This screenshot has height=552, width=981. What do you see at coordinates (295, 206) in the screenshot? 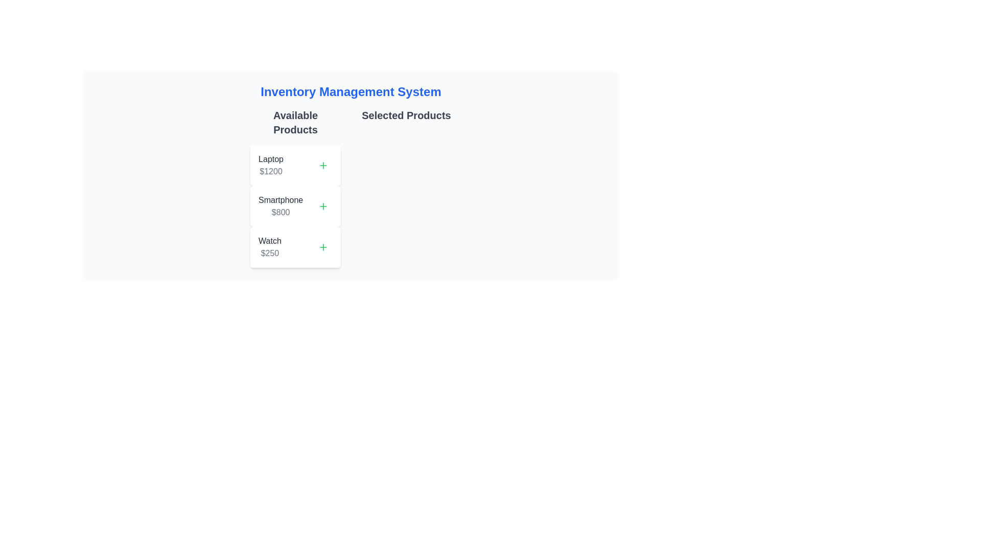
I see `the '+' icon on the product card for 'Smartphone' priced at '$800'` at bounding box center [295, 206].